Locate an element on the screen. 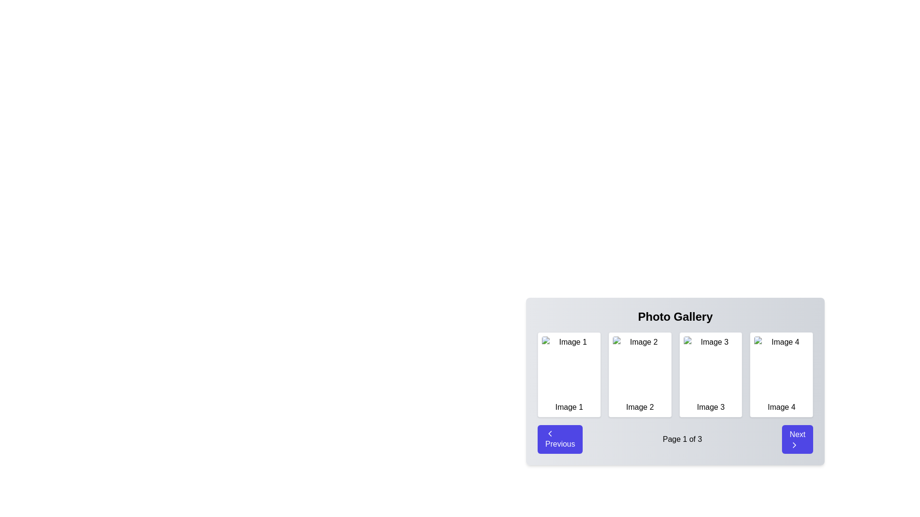 The image size is (920, 517). the static text label displaying 'Image 3', which is centered below the image placeholder in the third card of a horizontal set of four image cards is located at coordinates (711, 407).